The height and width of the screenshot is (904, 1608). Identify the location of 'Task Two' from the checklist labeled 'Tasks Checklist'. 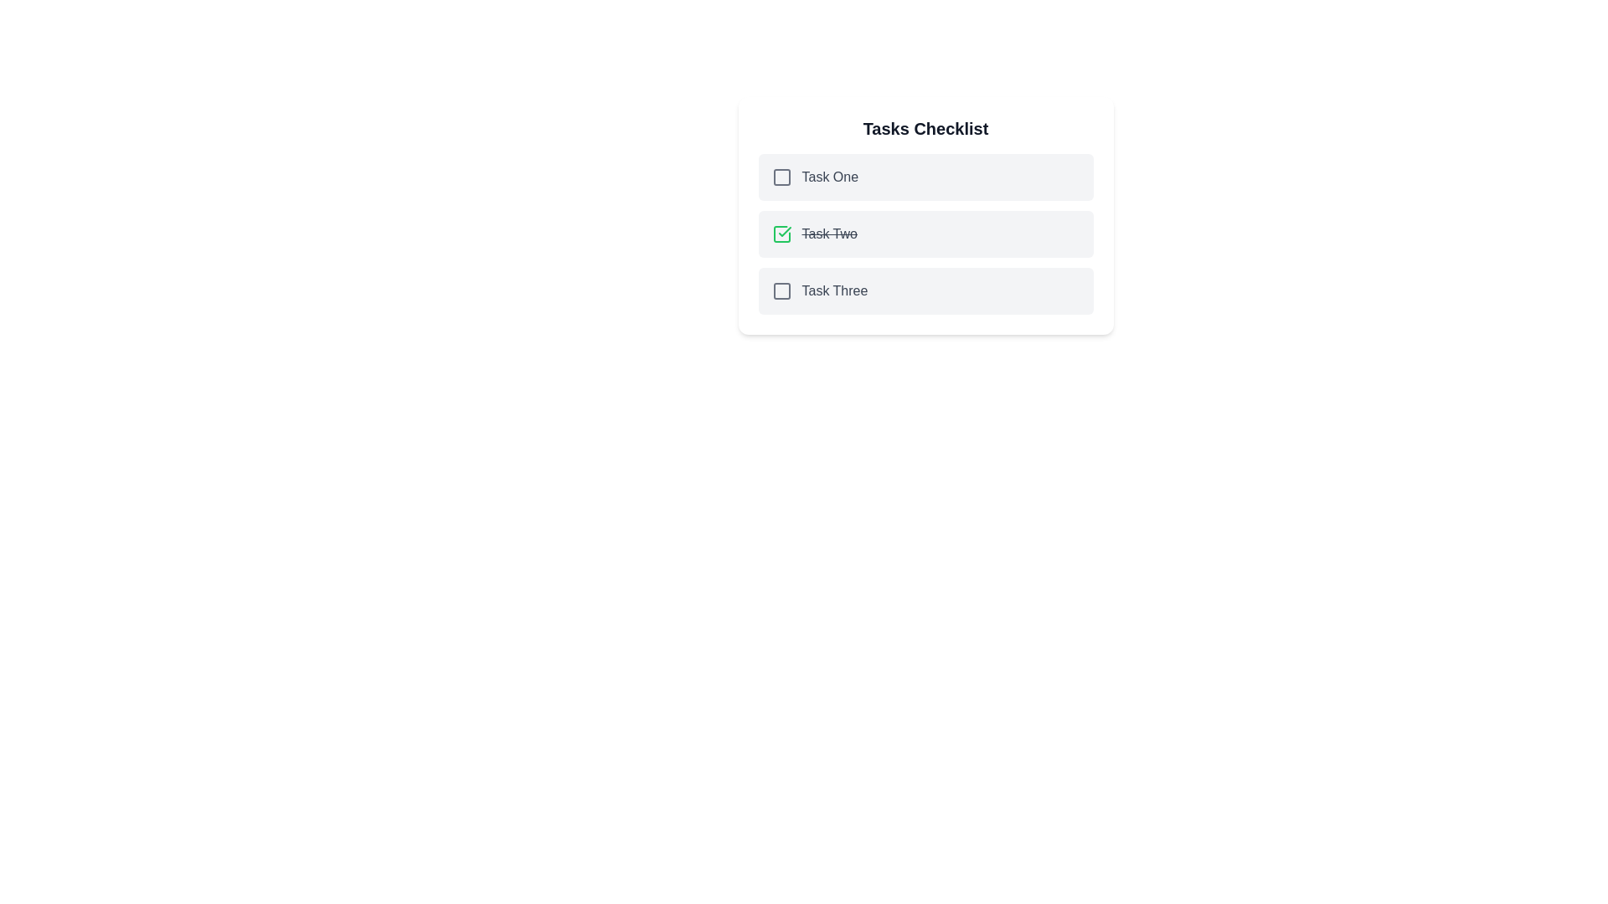
(925, 215).